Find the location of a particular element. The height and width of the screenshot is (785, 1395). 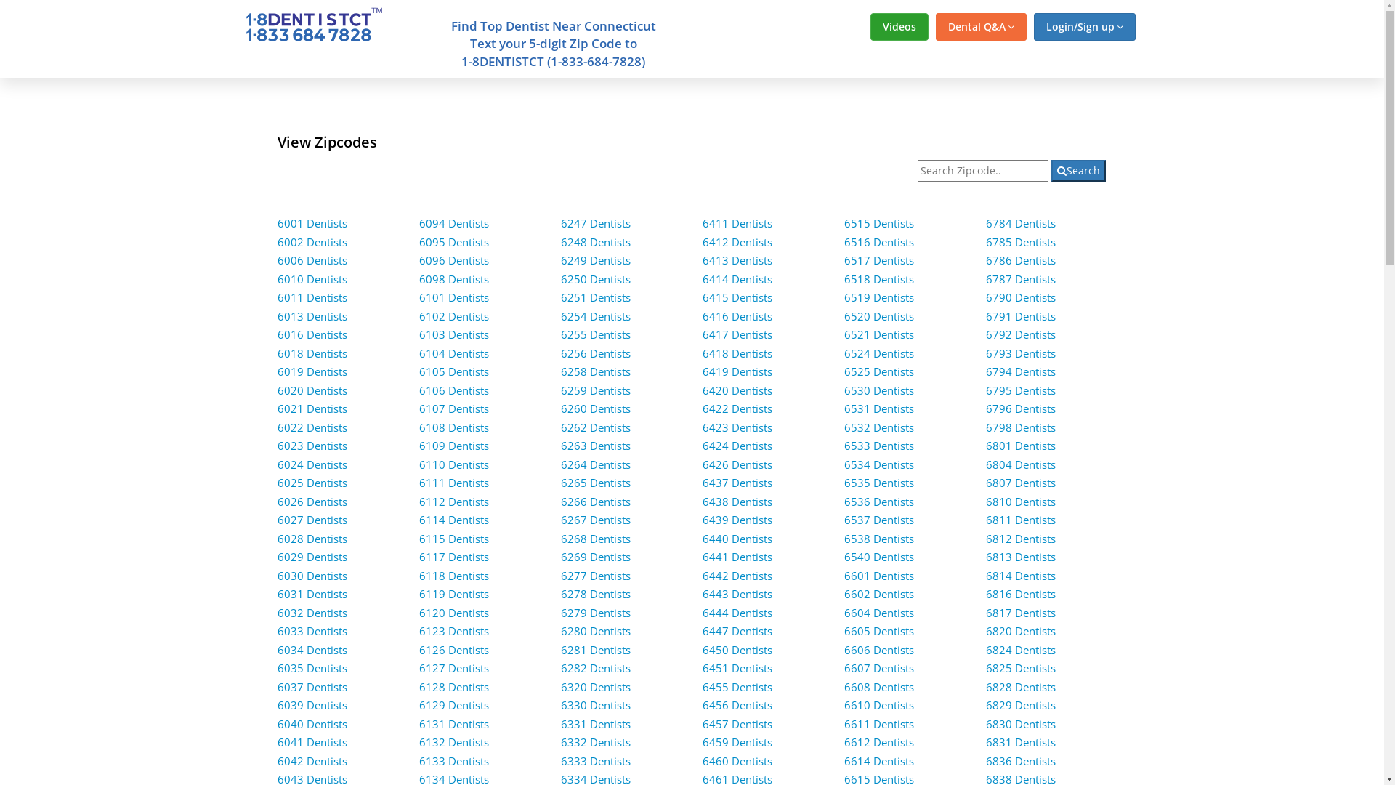

'6785 Dentists' is located at coordinates (1020, 241).